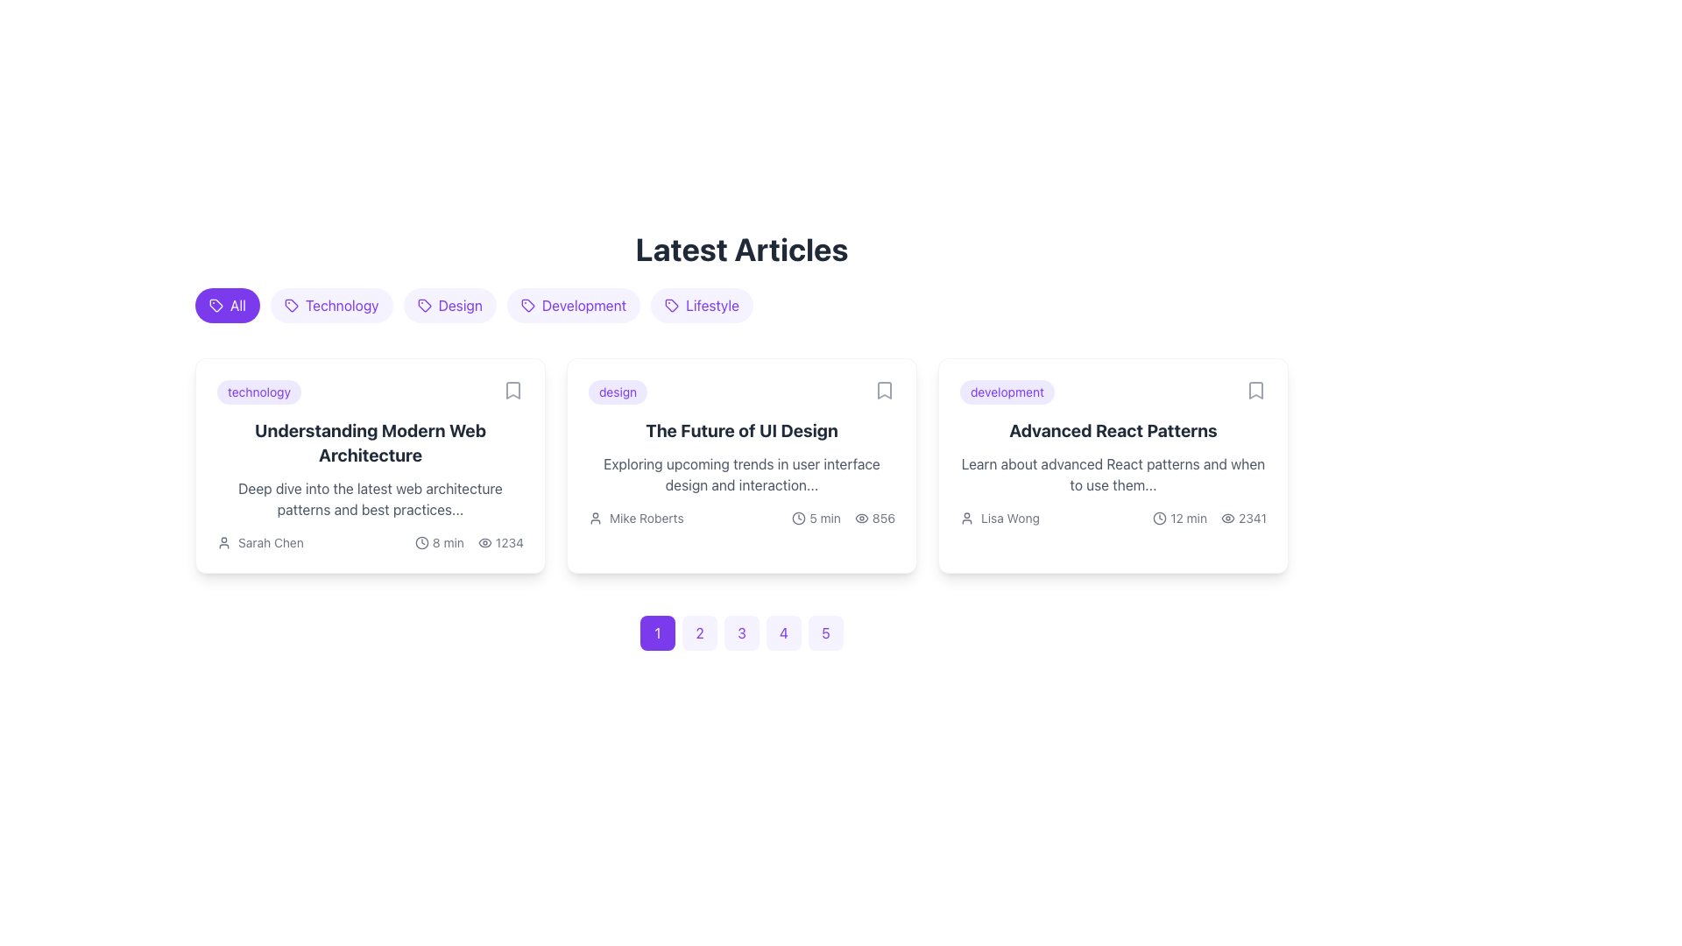 The image size is (1682, 946). What do you see at coordinates (439, 542) in the screenshot?
I see `estimated reading time information displayed on the Text Label with Icon located in the bottom-left portion of the 'Understanding Modern Web Architecture' article card, just under the author's name` at bounding box center [439, 542].